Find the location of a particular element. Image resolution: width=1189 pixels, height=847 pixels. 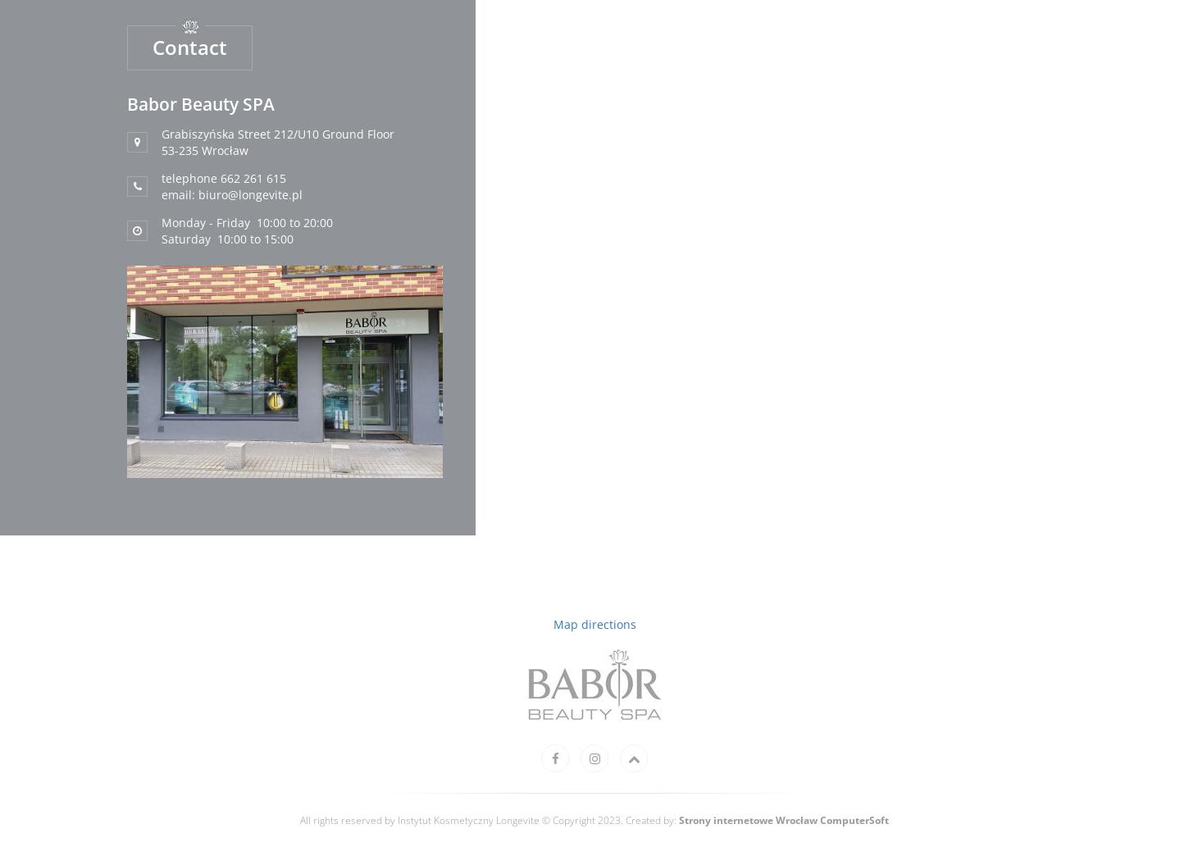

'All rights reserved by Instytut Kosmetyczny Longevite © Copyright 2023. Created by:' is located at coordinates (489, 819).